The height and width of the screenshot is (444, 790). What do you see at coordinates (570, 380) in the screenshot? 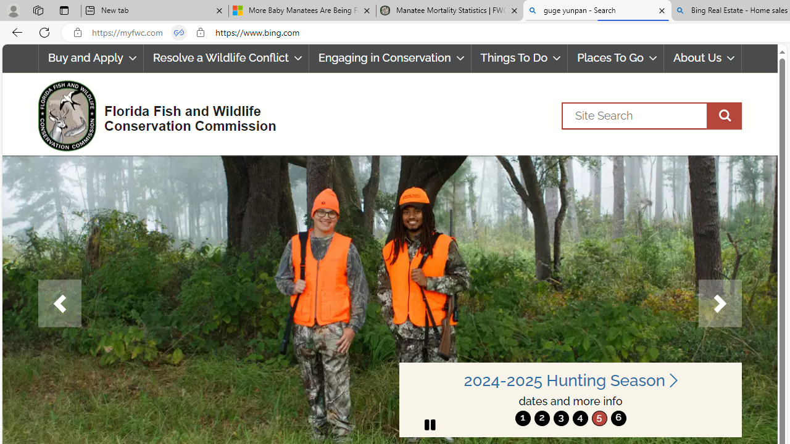
I see `'2024-2025 Hunting Season '` at bounding box center [570, 380].